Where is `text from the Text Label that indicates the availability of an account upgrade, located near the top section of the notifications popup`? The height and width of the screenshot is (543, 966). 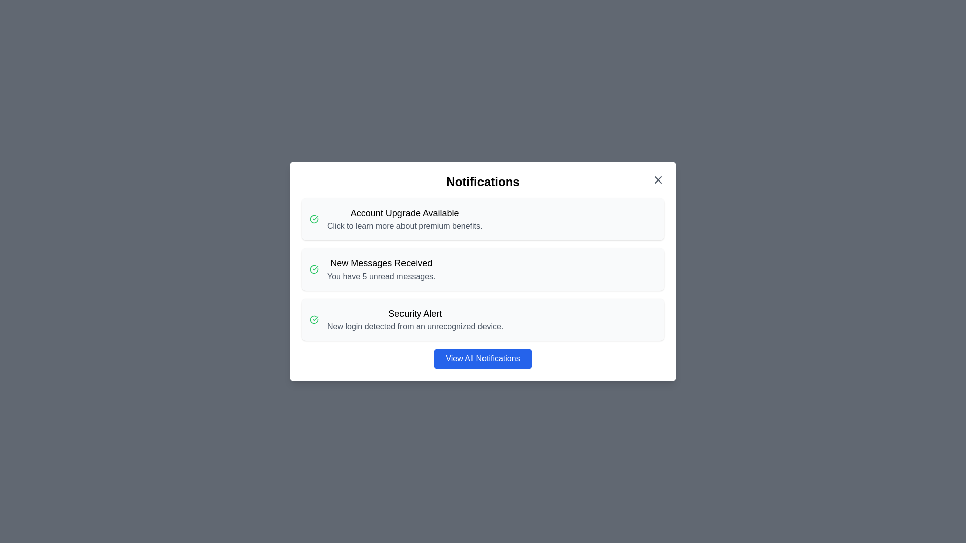
text from the Text Label that indicates the availability of an account upgrade, located near the top section of the notifications popup is located at coordinates (405, 213).